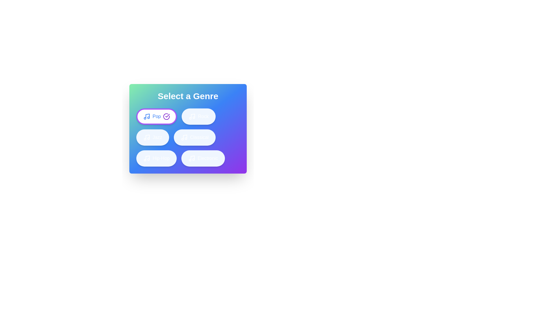 Image resolution: width=558 pixels, height=314 pixels. What do you see at coordinates (184, 138) in the screenshot?
I see `properties of the musical note icon located within the 'Classical' button, which is positioned in the second row and second column of the layout` at bounding box center [184, 138].